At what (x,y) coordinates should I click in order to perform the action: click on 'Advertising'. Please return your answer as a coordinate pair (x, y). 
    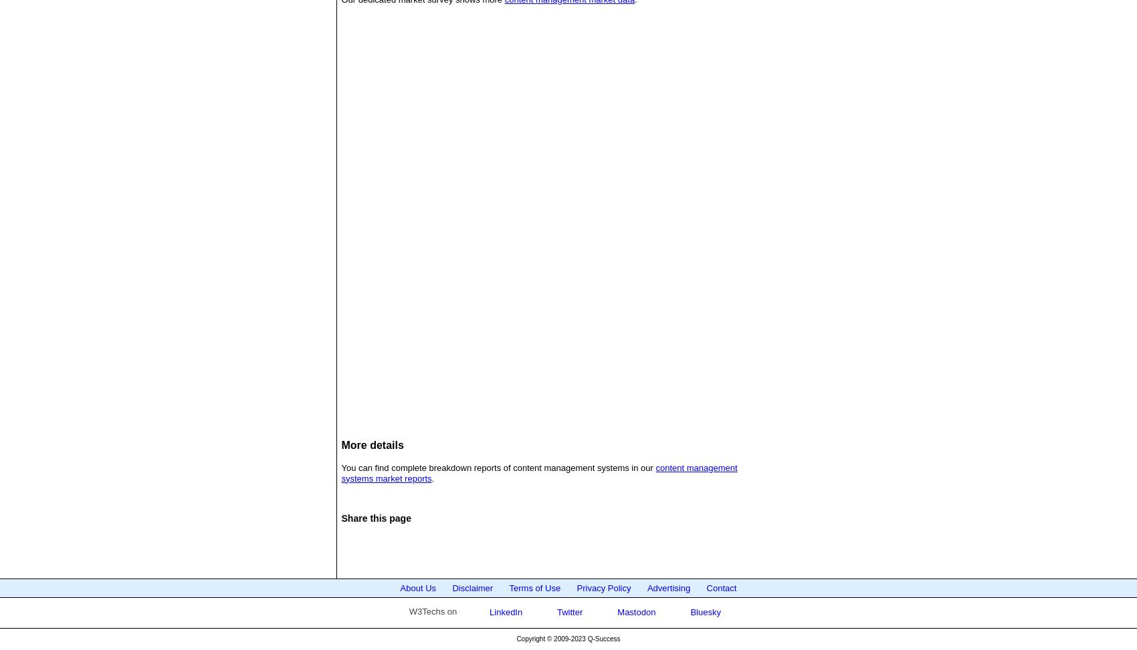
    Looking at the image, I should click on (667, 587).